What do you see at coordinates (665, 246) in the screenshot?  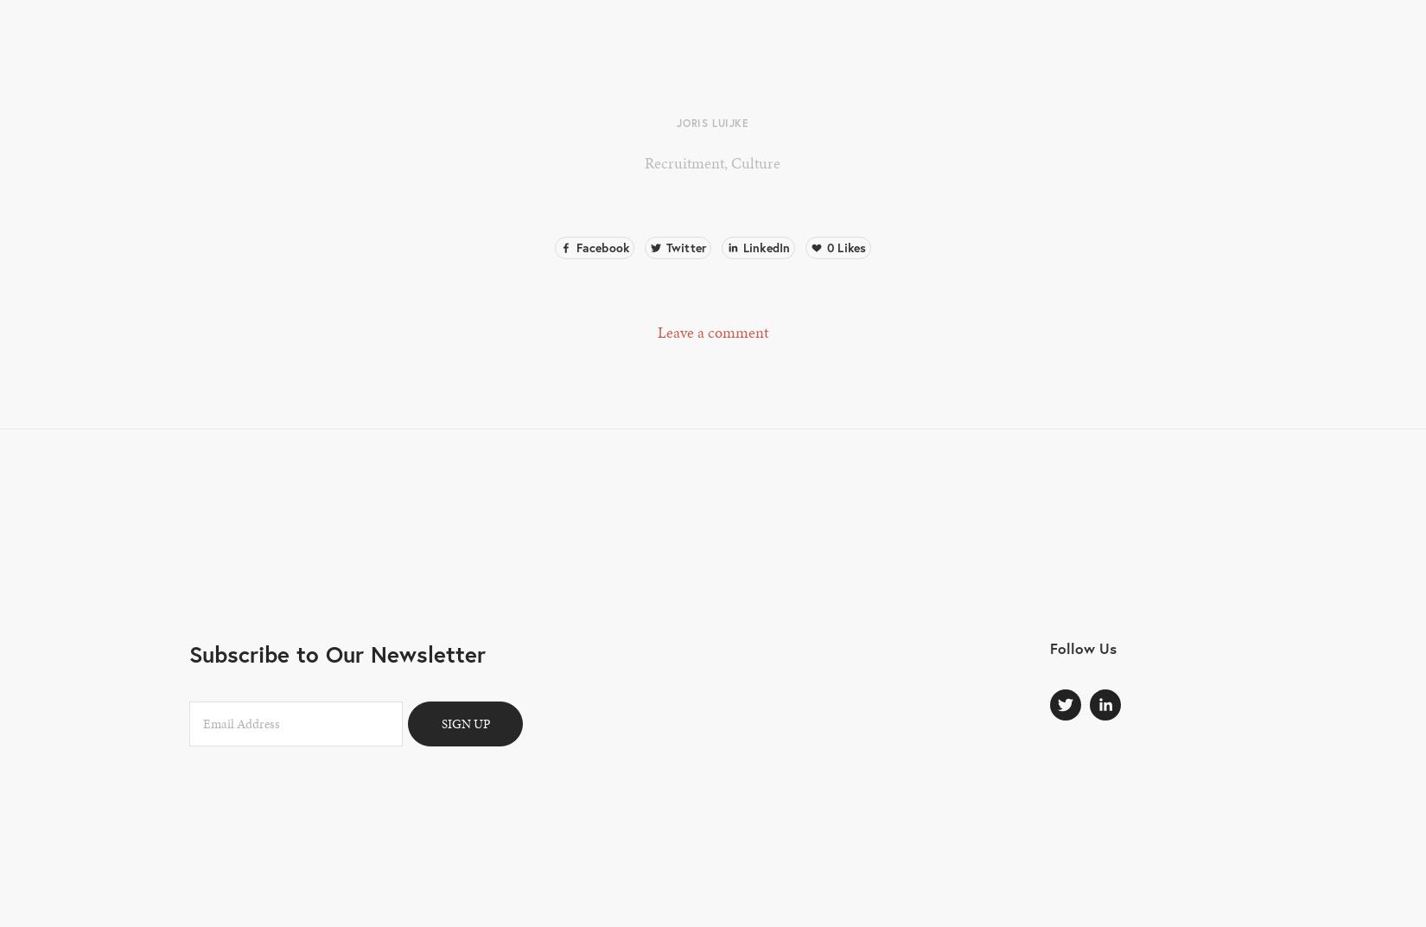 I see `'Twitter'` at bounding box center [665, 246].